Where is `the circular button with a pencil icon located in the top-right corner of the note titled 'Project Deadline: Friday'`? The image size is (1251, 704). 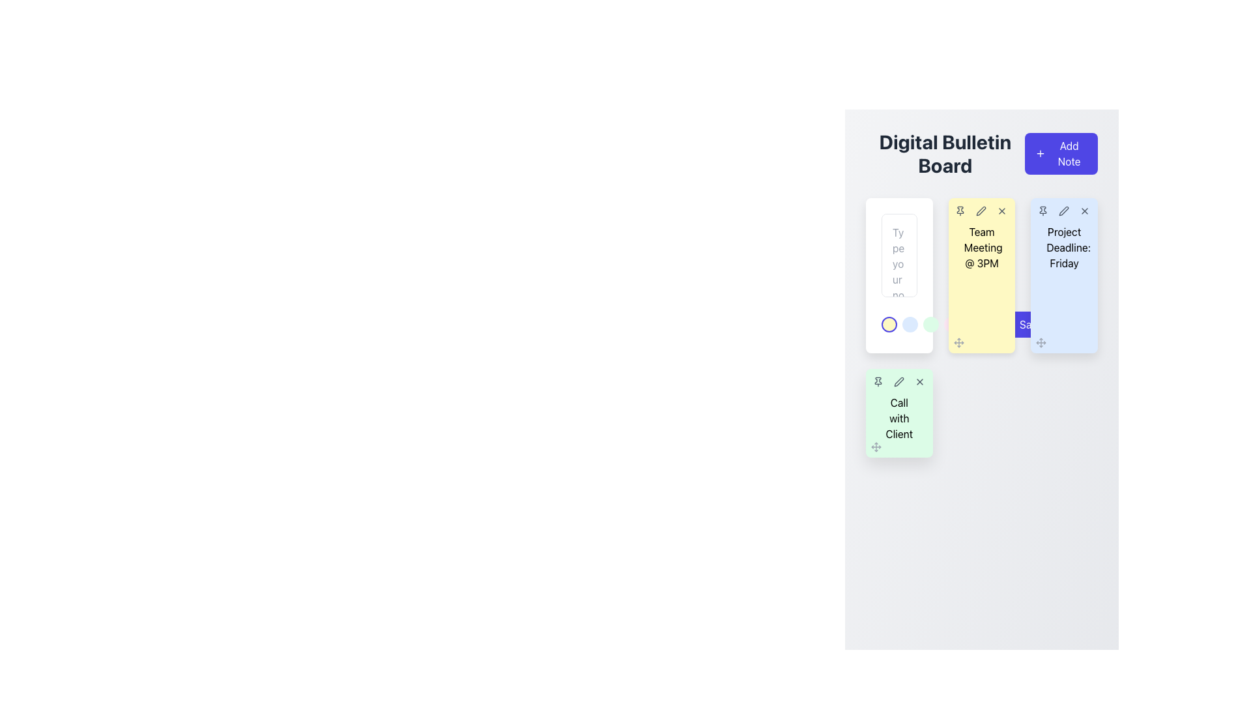 the circular button with a pencil icon located in the top-right corner of the note titled 'Project Deadline: Friday' is located at coordinates (1063, 211).